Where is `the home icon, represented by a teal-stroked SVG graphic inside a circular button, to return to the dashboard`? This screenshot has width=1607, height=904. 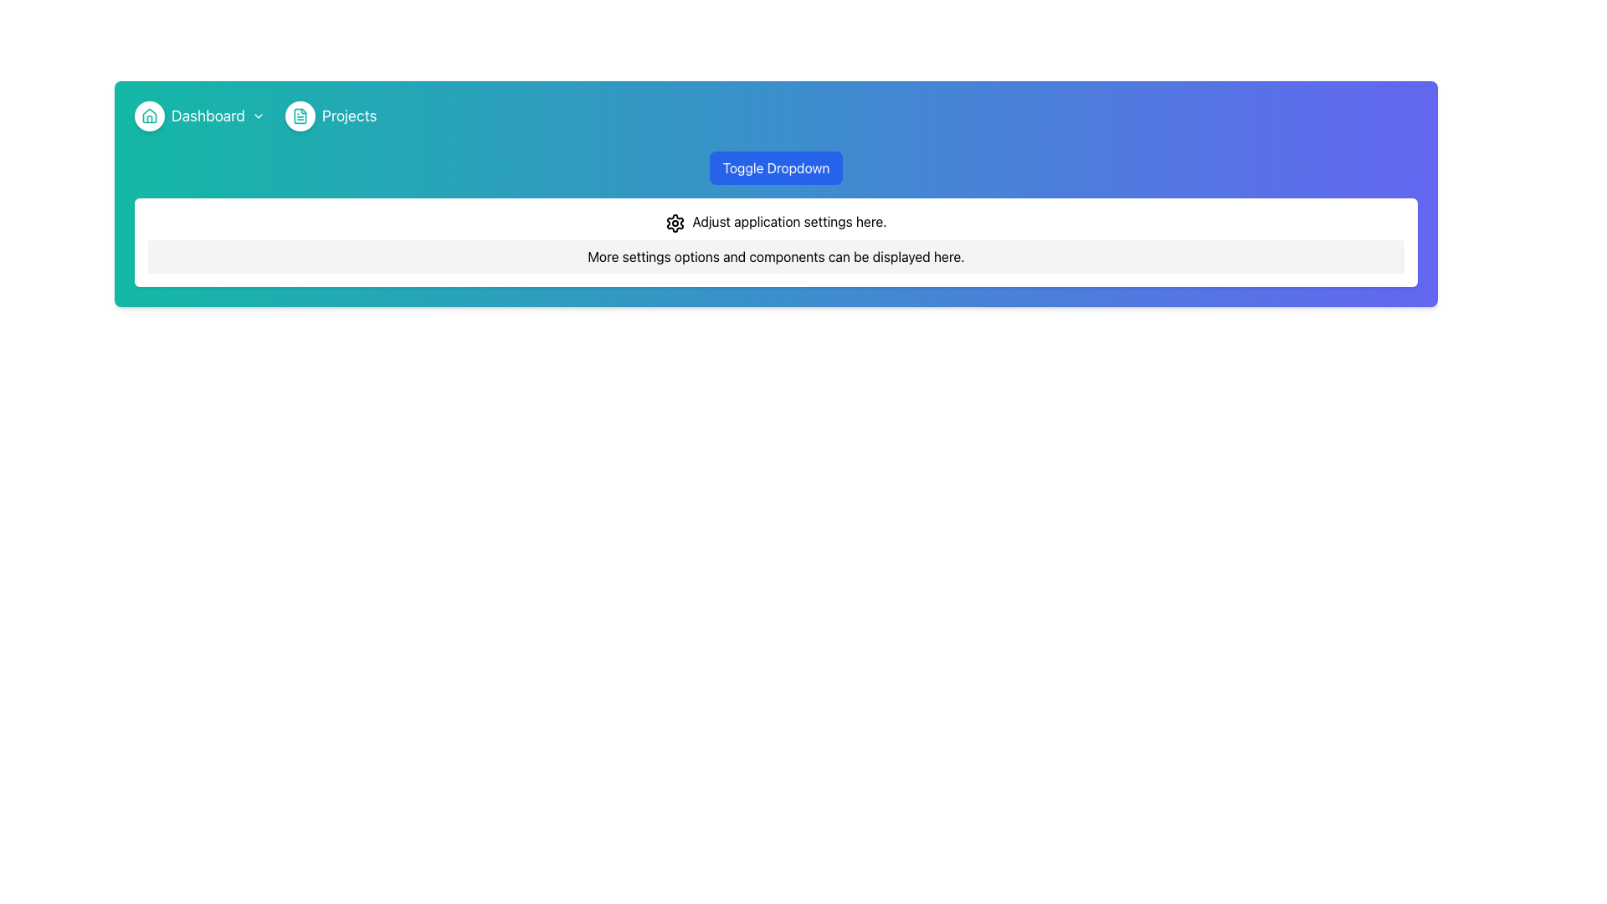
the home icon, represented by a teal-stroked SVG graphic inside a circular button, to return to the dashboard is located at coordinates (149, 115).